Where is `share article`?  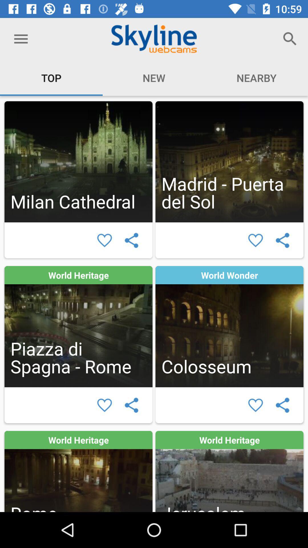
share article is located at coordinates (131, 240).